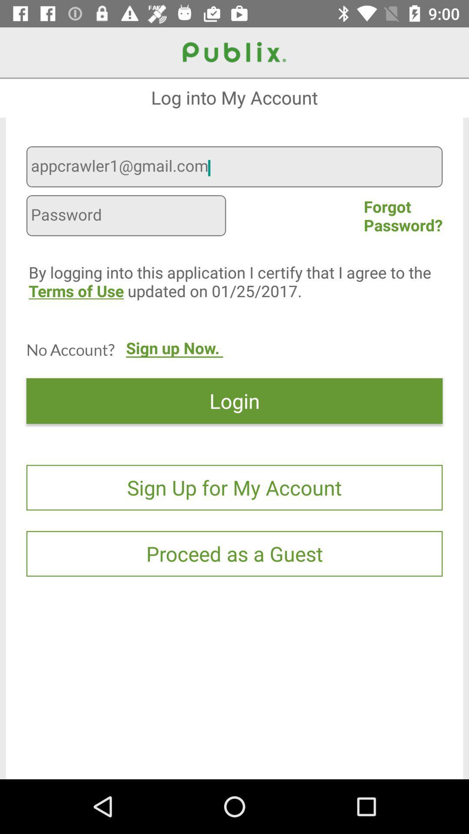 The height and width of the screenshot is (834, 469). What do you see at coordinates (234, 553) in the screenshot?
I see `proceed as a` at bounding box center [234, 553].